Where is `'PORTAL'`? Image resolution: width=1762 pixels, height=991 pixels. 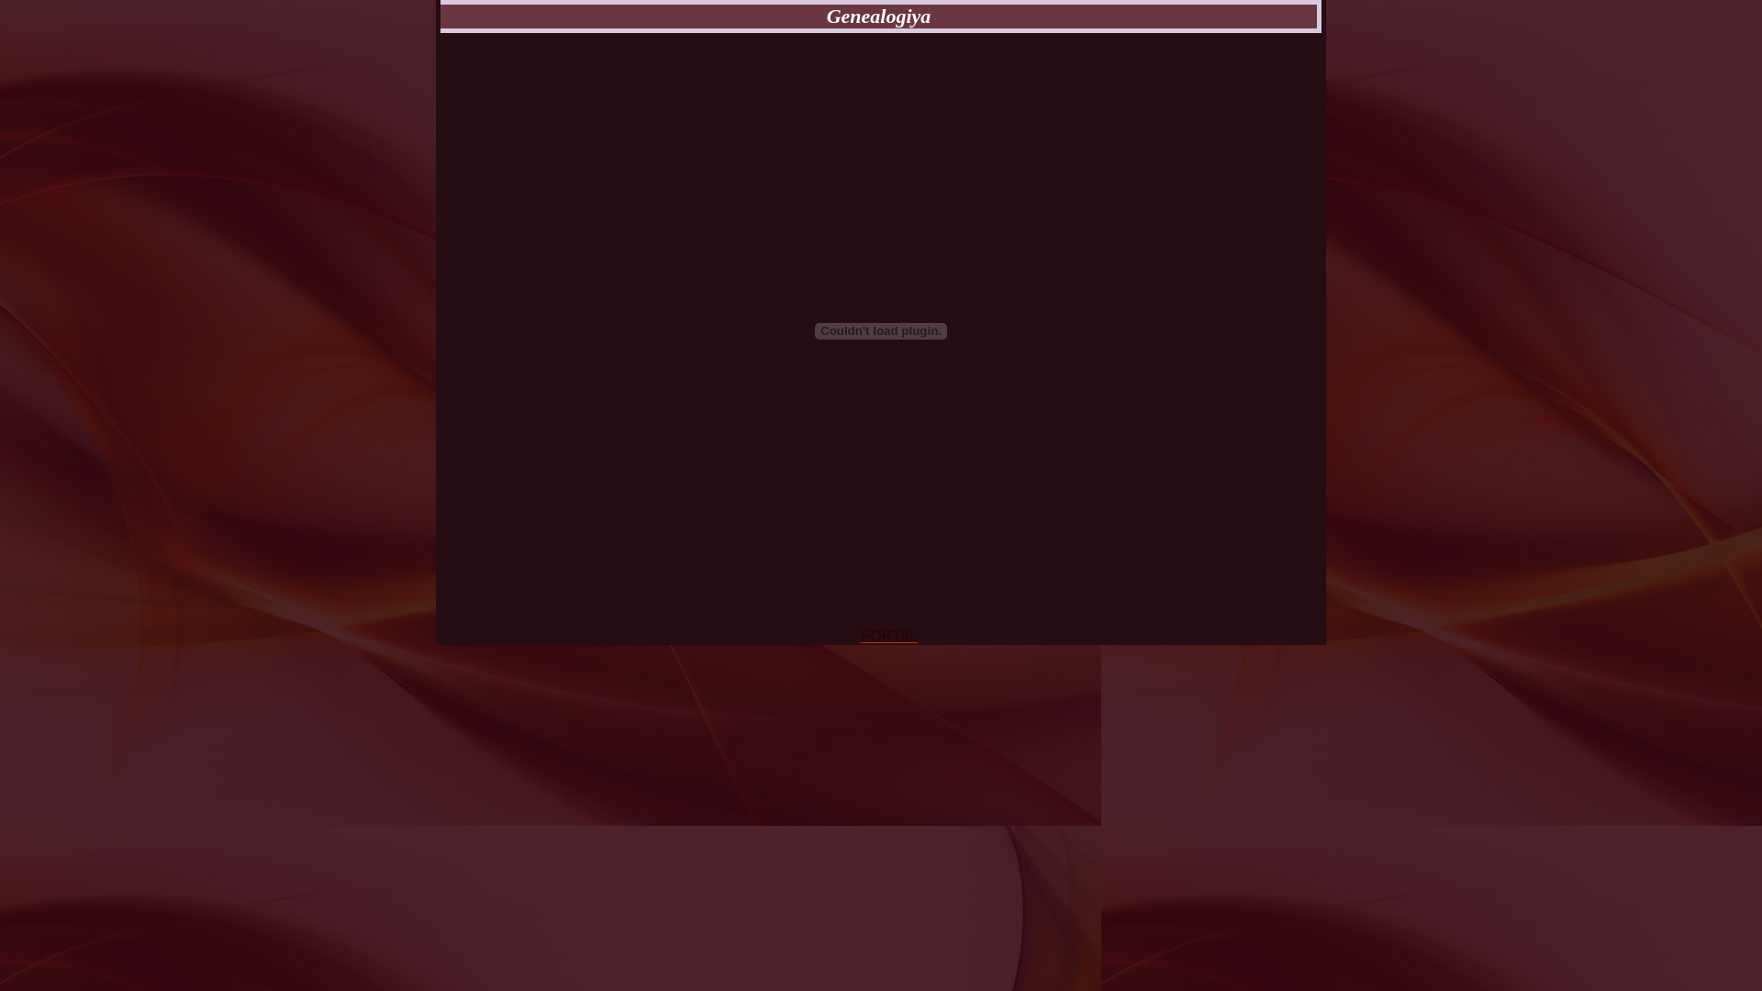
'PORTAL' is located at coordinates (889, 635).